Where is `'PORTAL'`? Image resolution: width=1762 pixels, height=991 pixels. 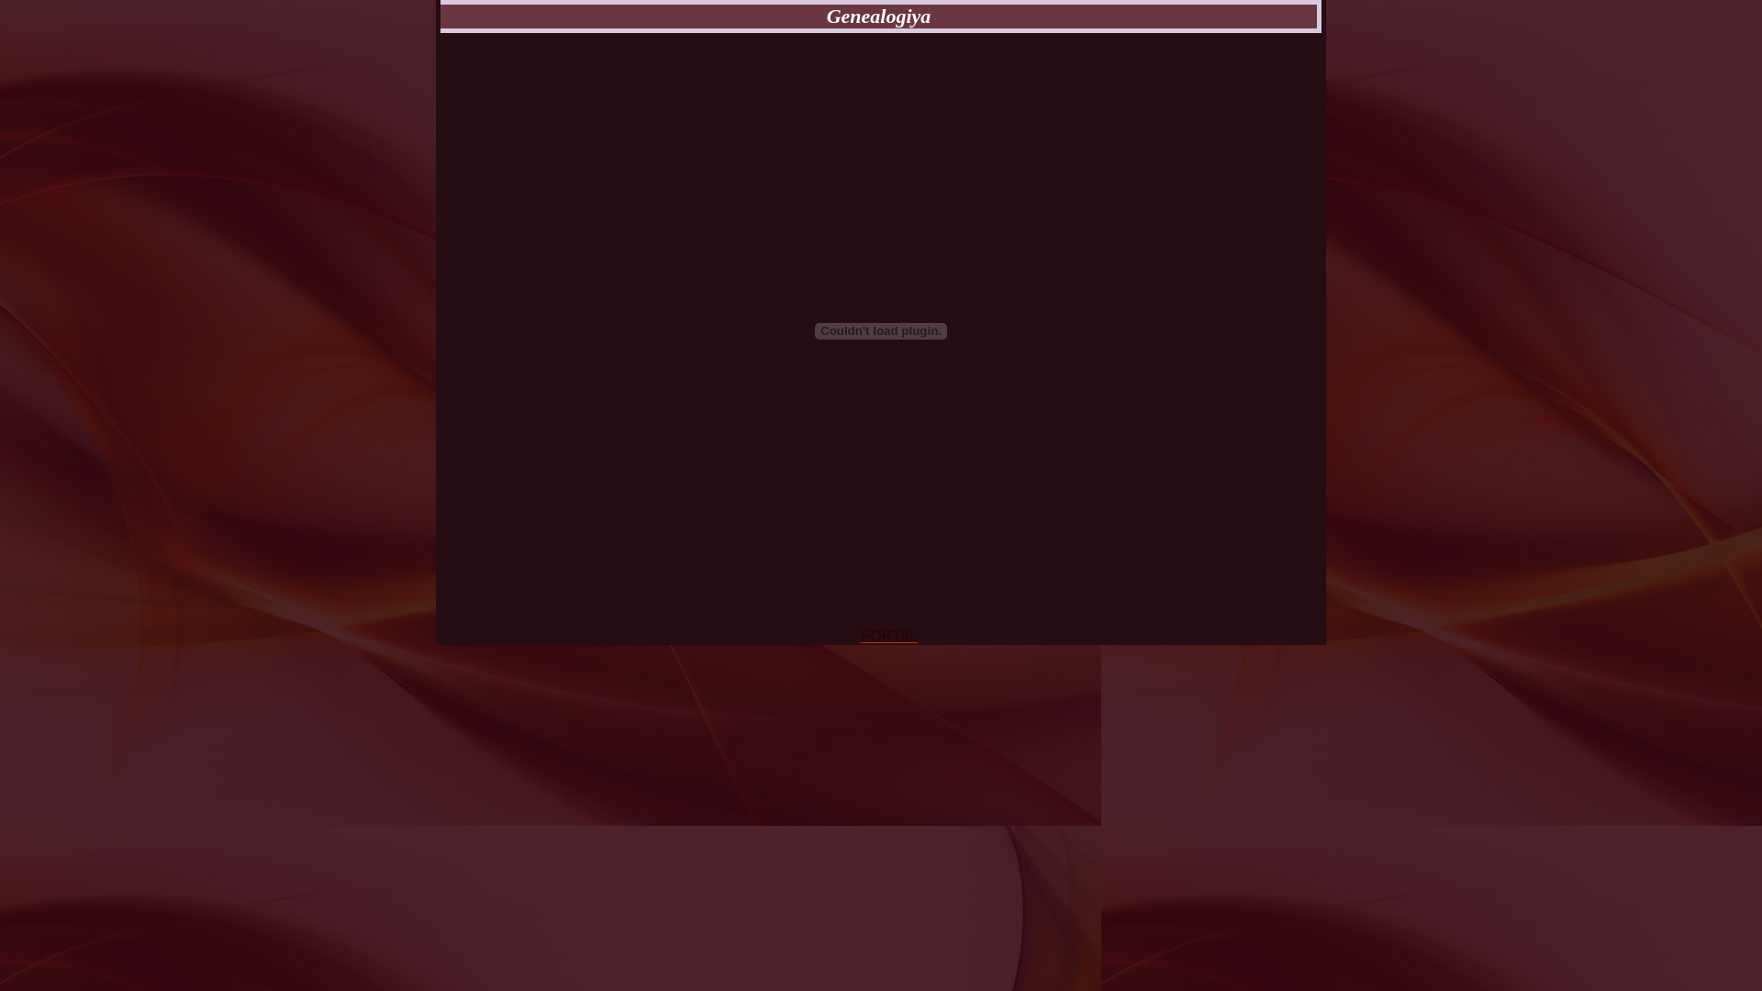
'PORTAL' is located at coordinates (889, 635).